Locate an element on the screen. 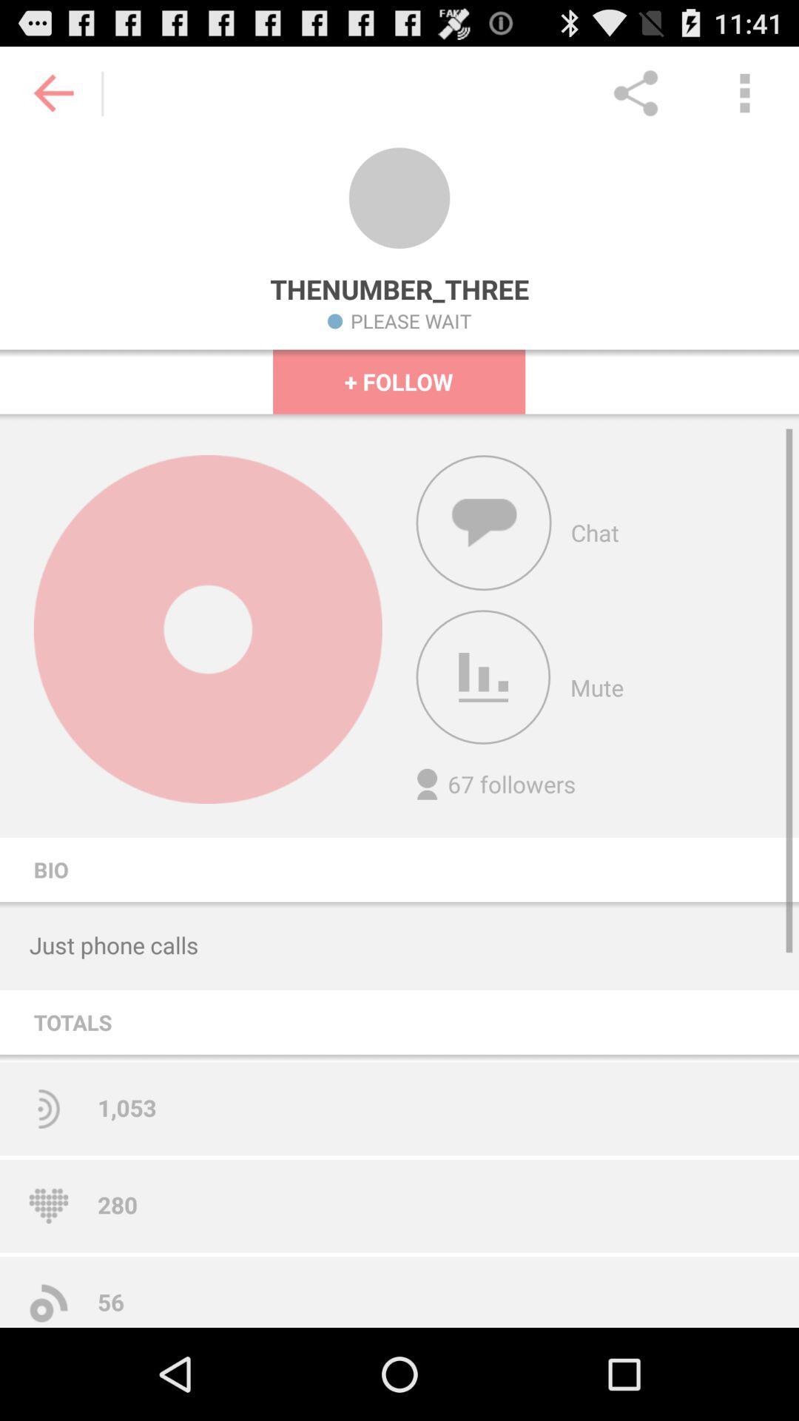 This screenshot has width=799, height=1421. apps of the mute option is located at coordinates (483, 676).